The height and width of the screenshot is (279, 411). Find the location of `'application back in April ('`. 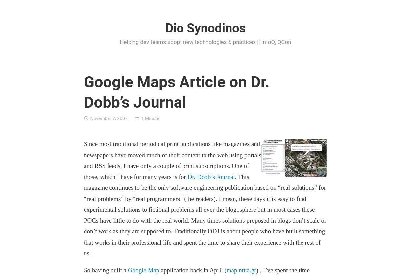

'application back in April (' is located at coordinates (192, 270).